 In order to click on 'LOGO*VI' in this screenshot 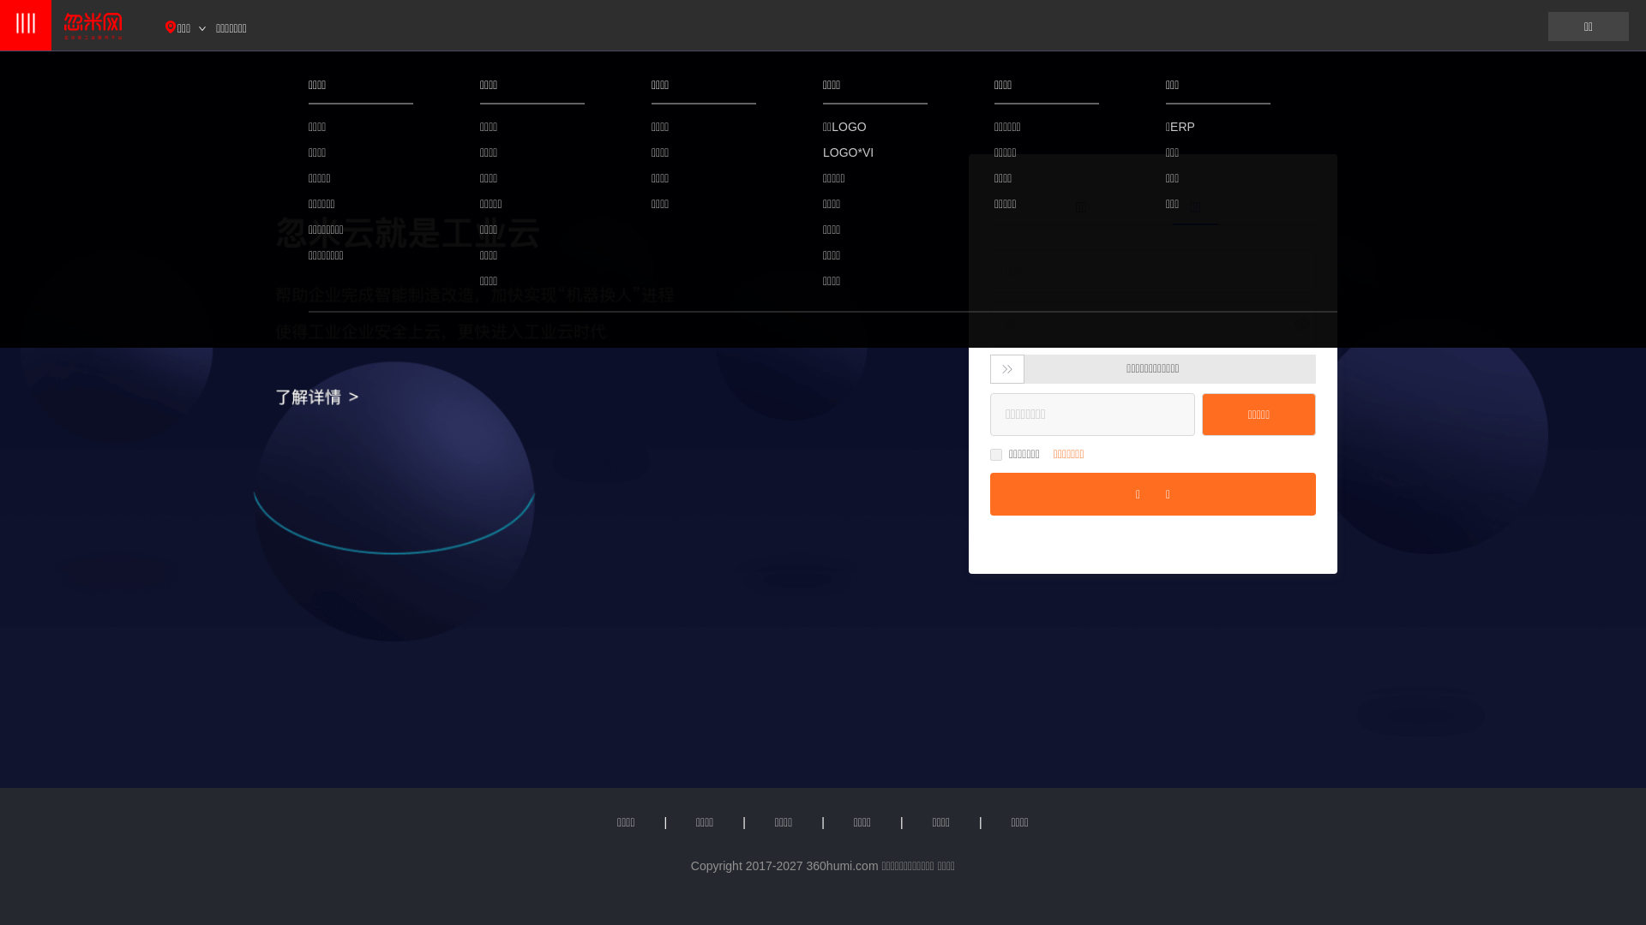, I will do `click(875, 151)`.